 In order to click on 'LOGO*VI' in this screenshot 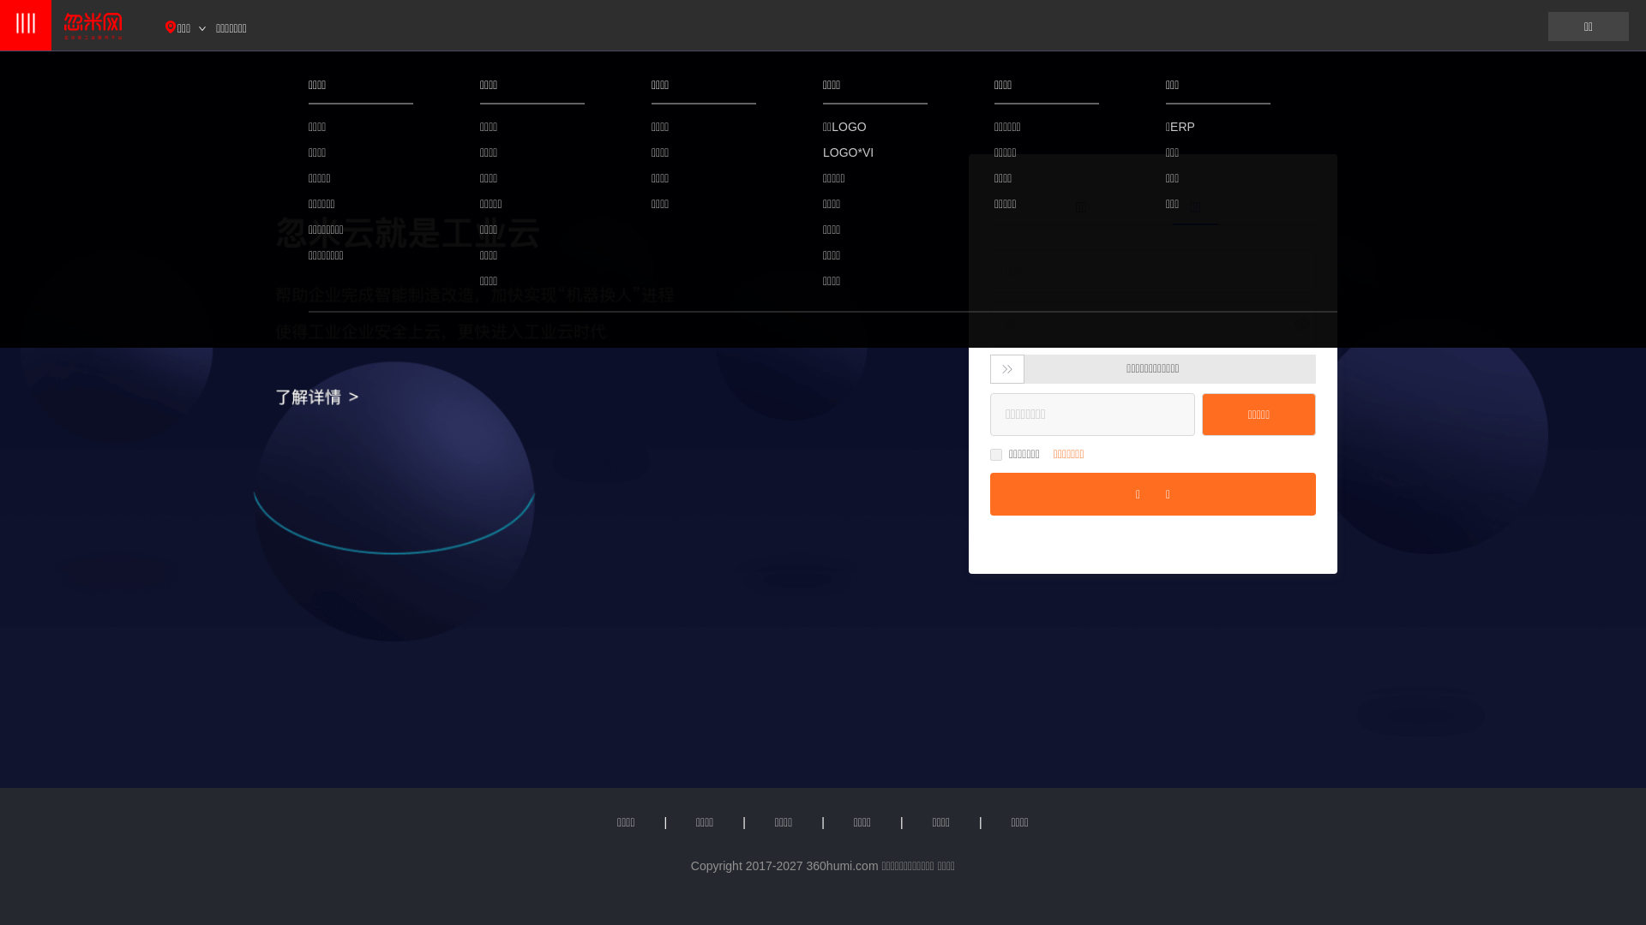, I will do `click(875, 151)`.